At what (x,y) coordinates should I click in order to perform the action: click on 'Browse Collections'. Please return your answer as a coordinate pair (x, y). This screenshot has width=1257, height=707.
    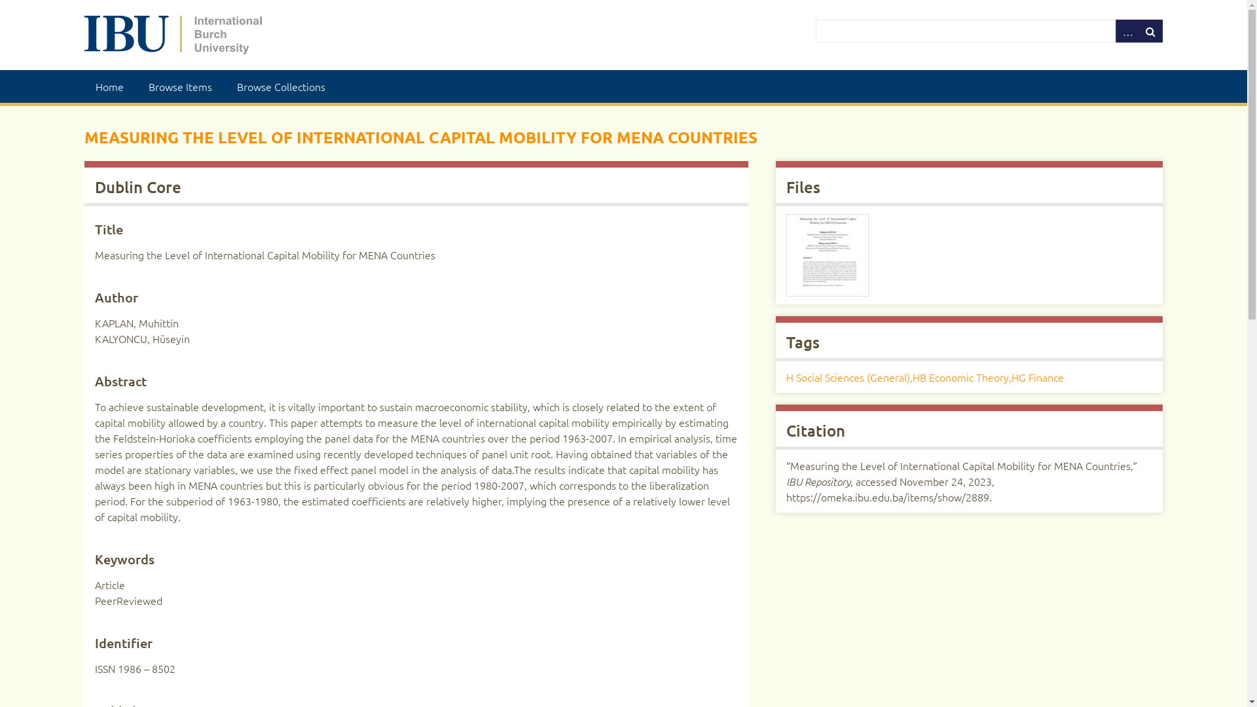
    Looking at the image, I should click on (280, 86).